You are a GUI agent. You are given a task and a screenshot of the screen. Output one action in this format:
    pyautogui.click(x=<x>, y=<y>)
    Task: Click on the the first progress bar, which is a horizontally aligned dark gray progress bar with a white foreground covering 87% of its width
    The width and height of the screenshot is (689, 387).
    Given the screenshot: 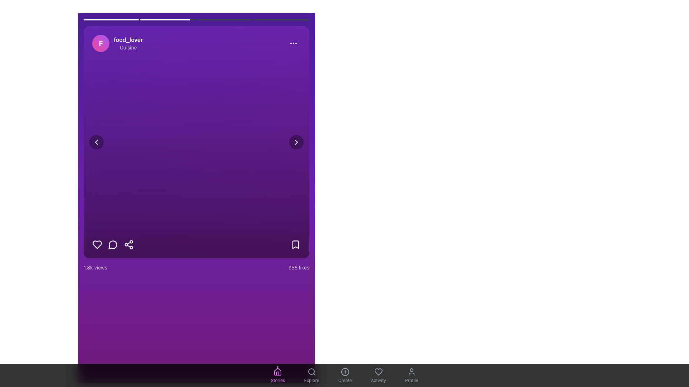 What is the action you would take?
    pyautogui.click(x=111, y=19)
    